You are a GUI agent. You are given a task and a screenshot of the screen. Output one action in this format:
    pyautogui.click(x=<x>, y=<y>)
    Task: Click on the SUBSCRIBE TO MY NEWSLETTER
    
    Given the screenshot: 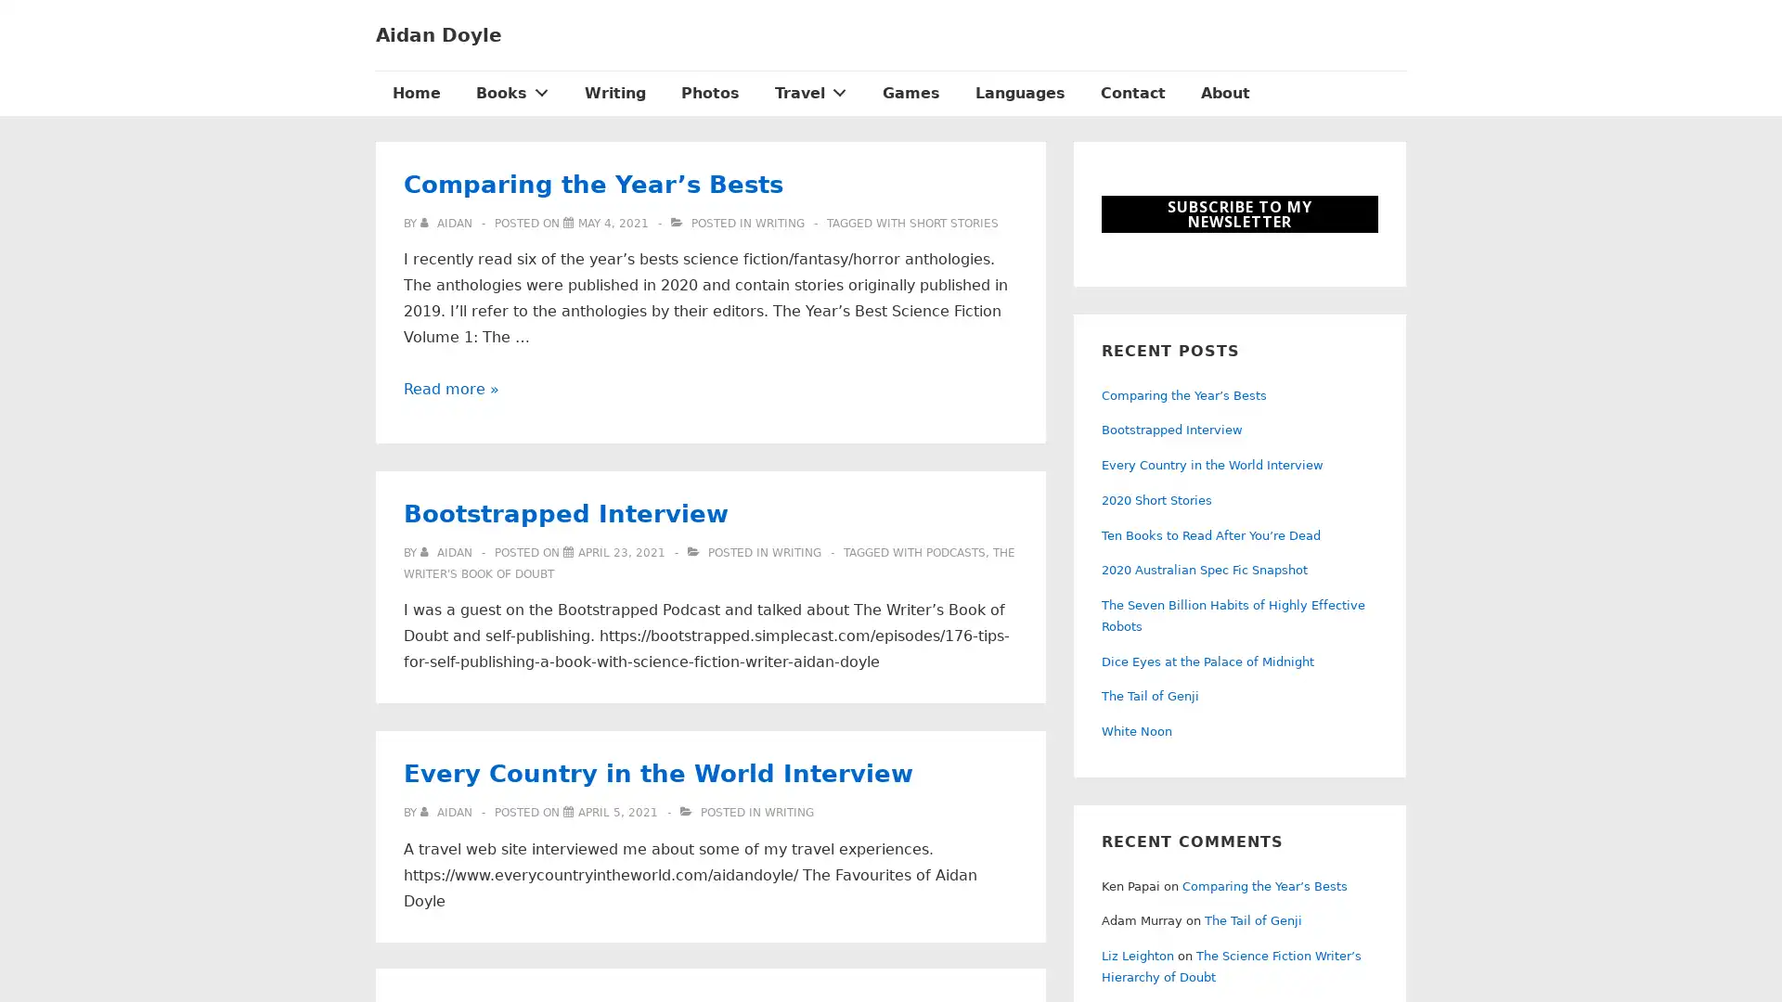 What is the action you would take?
    pyautogui.click(x=1239, y=213)
    